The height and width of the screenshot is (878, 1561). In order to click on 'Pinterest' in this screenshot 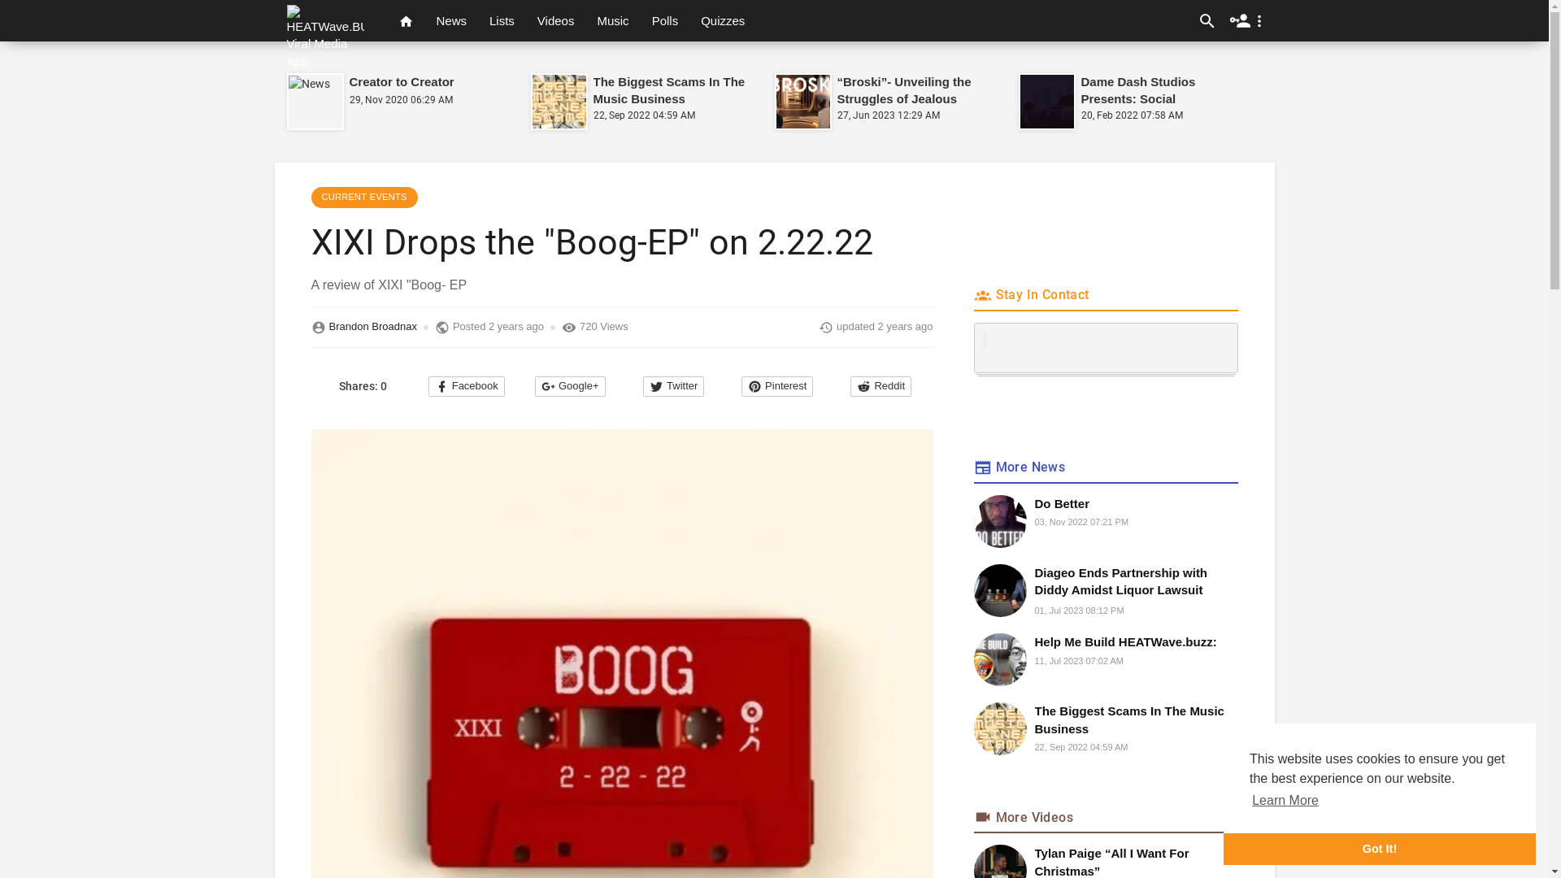, I will do `click(776, 386)`.